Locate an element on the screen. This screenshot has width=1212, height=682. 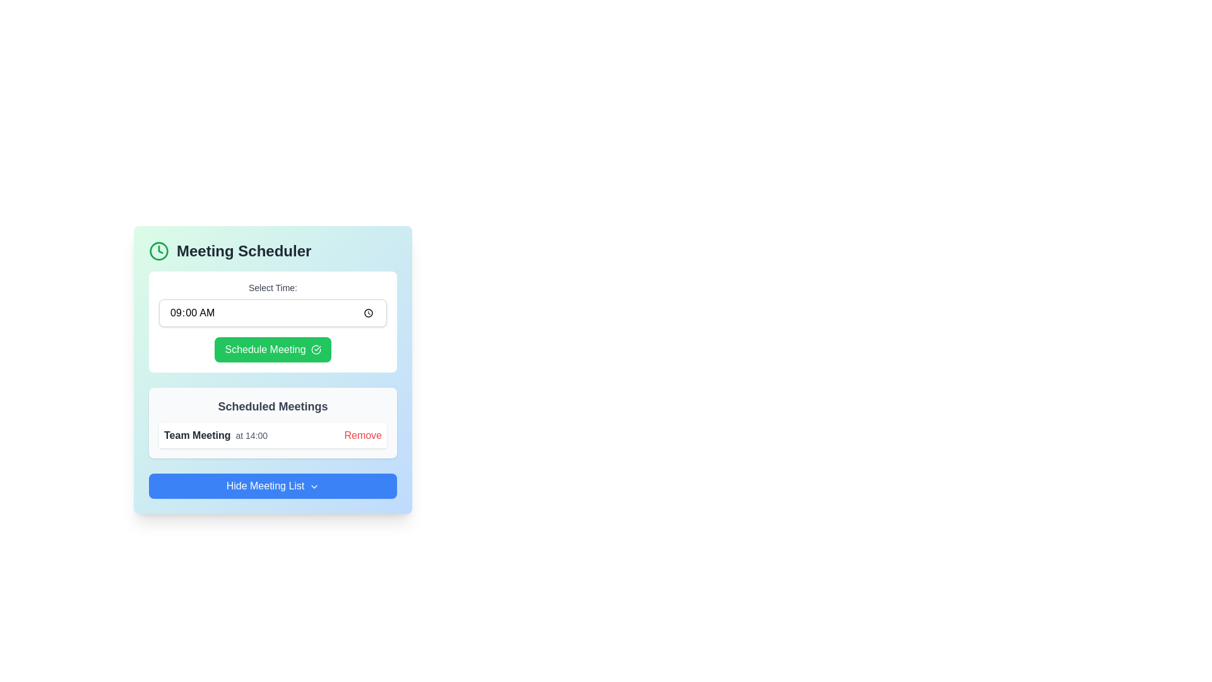
the scheduled meeting element that displays information about the meeting, including the title and scheduled time is located at coordinates (272, 435).